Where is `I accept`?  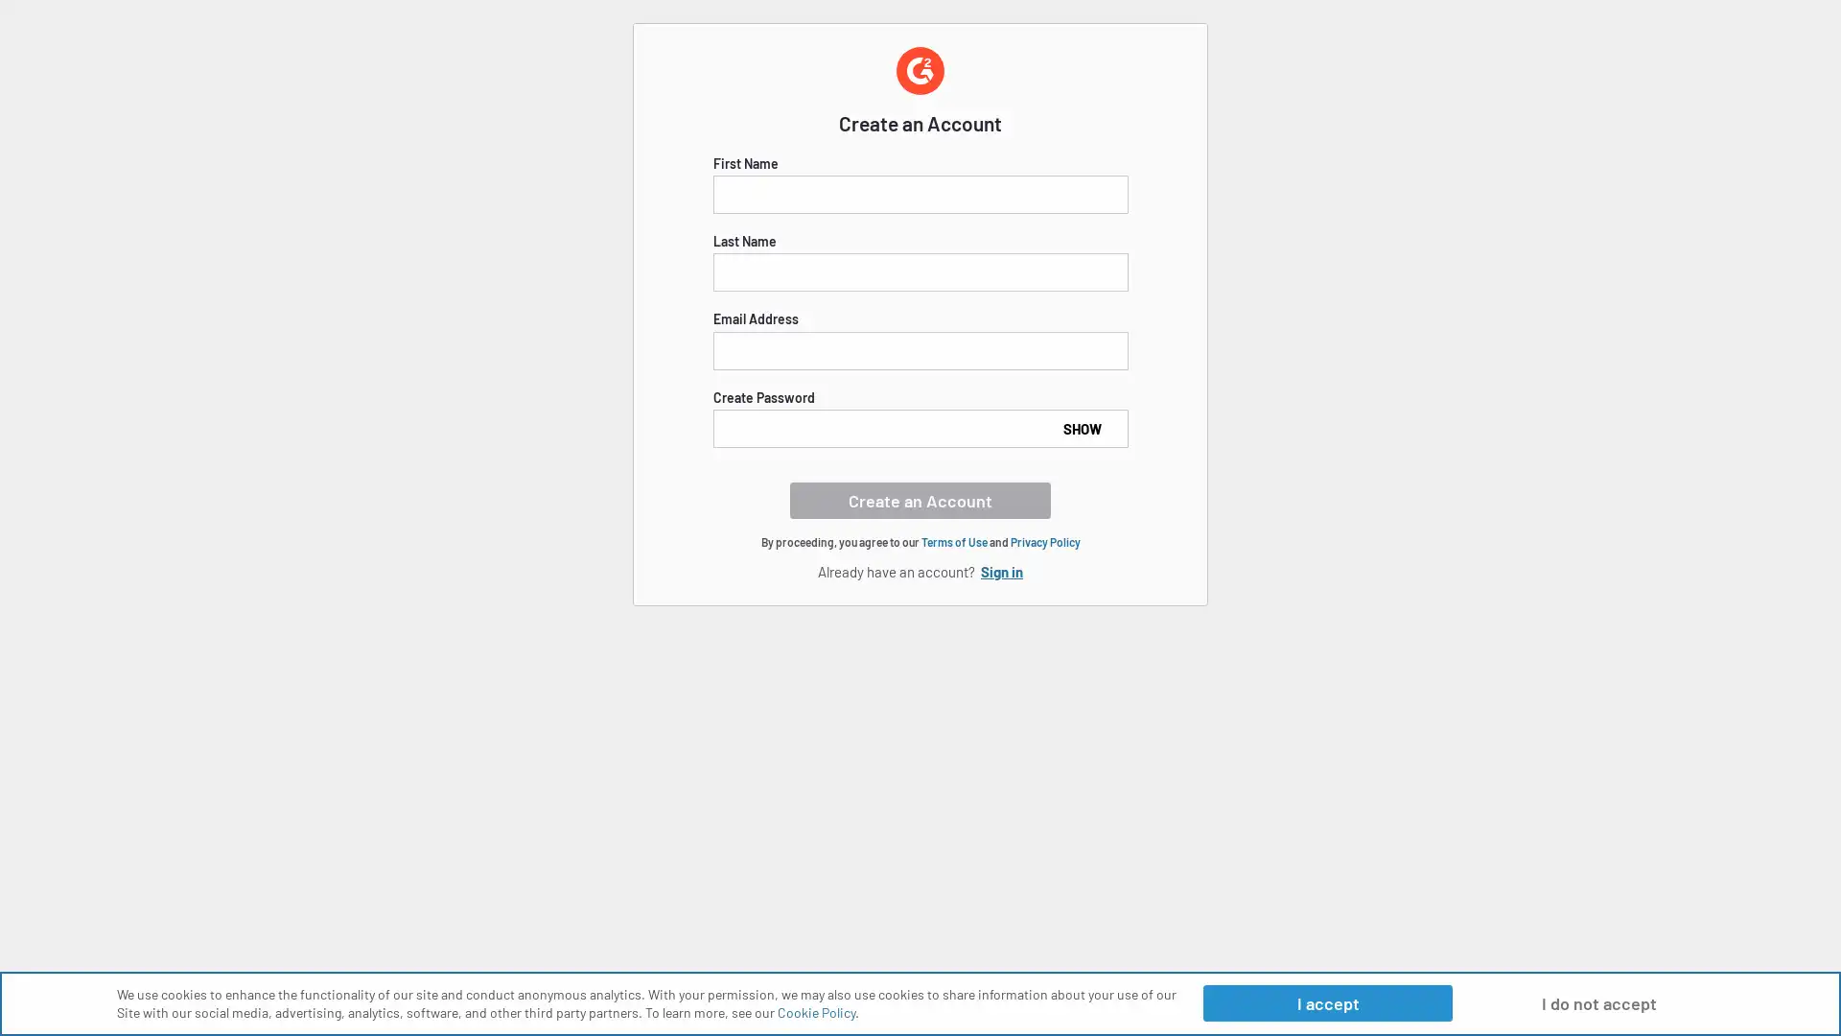
I accept is located at coordinates (1326, 1001).